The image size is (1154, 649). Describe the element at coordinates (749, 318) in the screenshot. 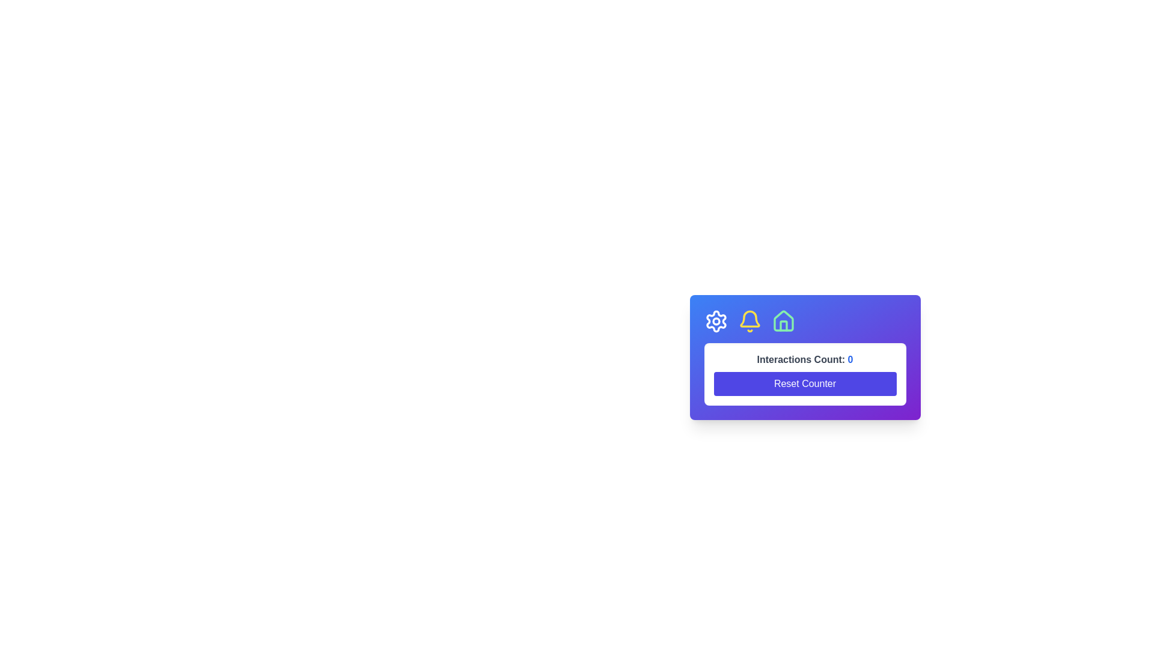

I see `the bell icon, which is the second icon from the left in a row of three icons at the top of the interface card` at that location.